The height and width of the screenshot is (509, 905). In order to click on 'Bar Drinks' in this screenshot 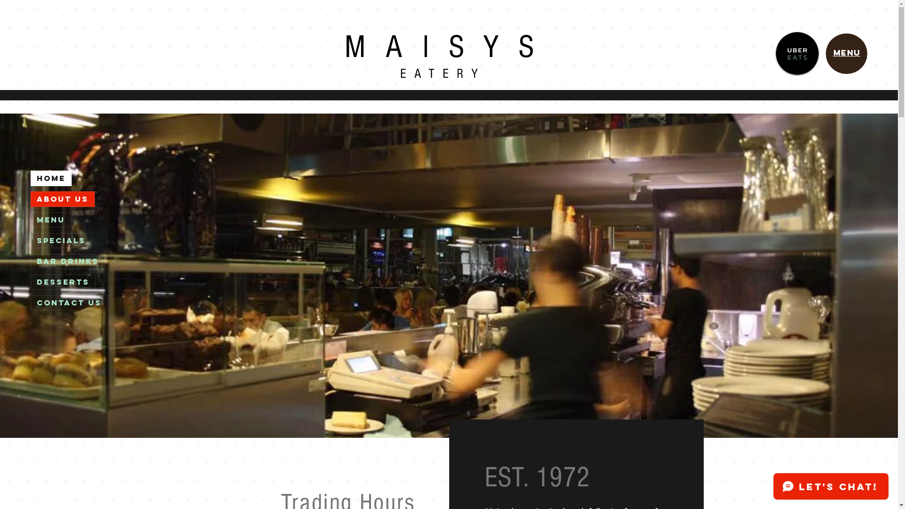, I will do `click(32, 261)`.